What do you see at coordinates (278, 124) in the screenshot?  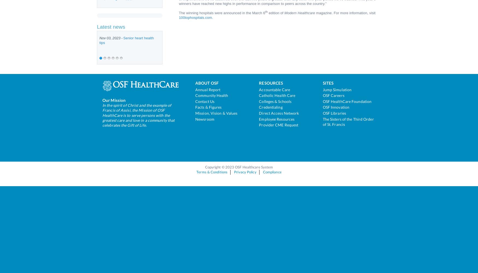 I see `'Provider CME Request'` at bounding box center [278, 124].